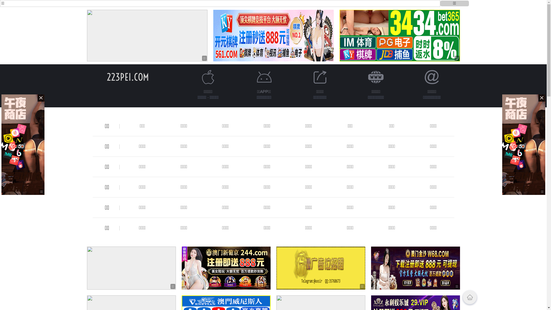 Image resolution: width=551 pixels, height=310 pixels. What do you see at coordinates (107, 77) in the screenshot?
I see `'223PEI.COM'` at bounding box center [107, 77].